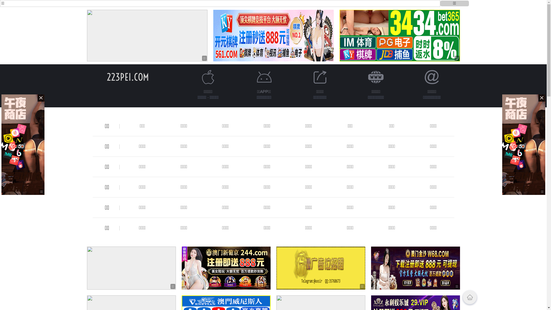 Image resolution: width=551 pixels, height=310 pixels. What do you see at coordinates (107, 77) in the screenshot?
I see `'223PEI.COM'` at bounding box center [107, 77].